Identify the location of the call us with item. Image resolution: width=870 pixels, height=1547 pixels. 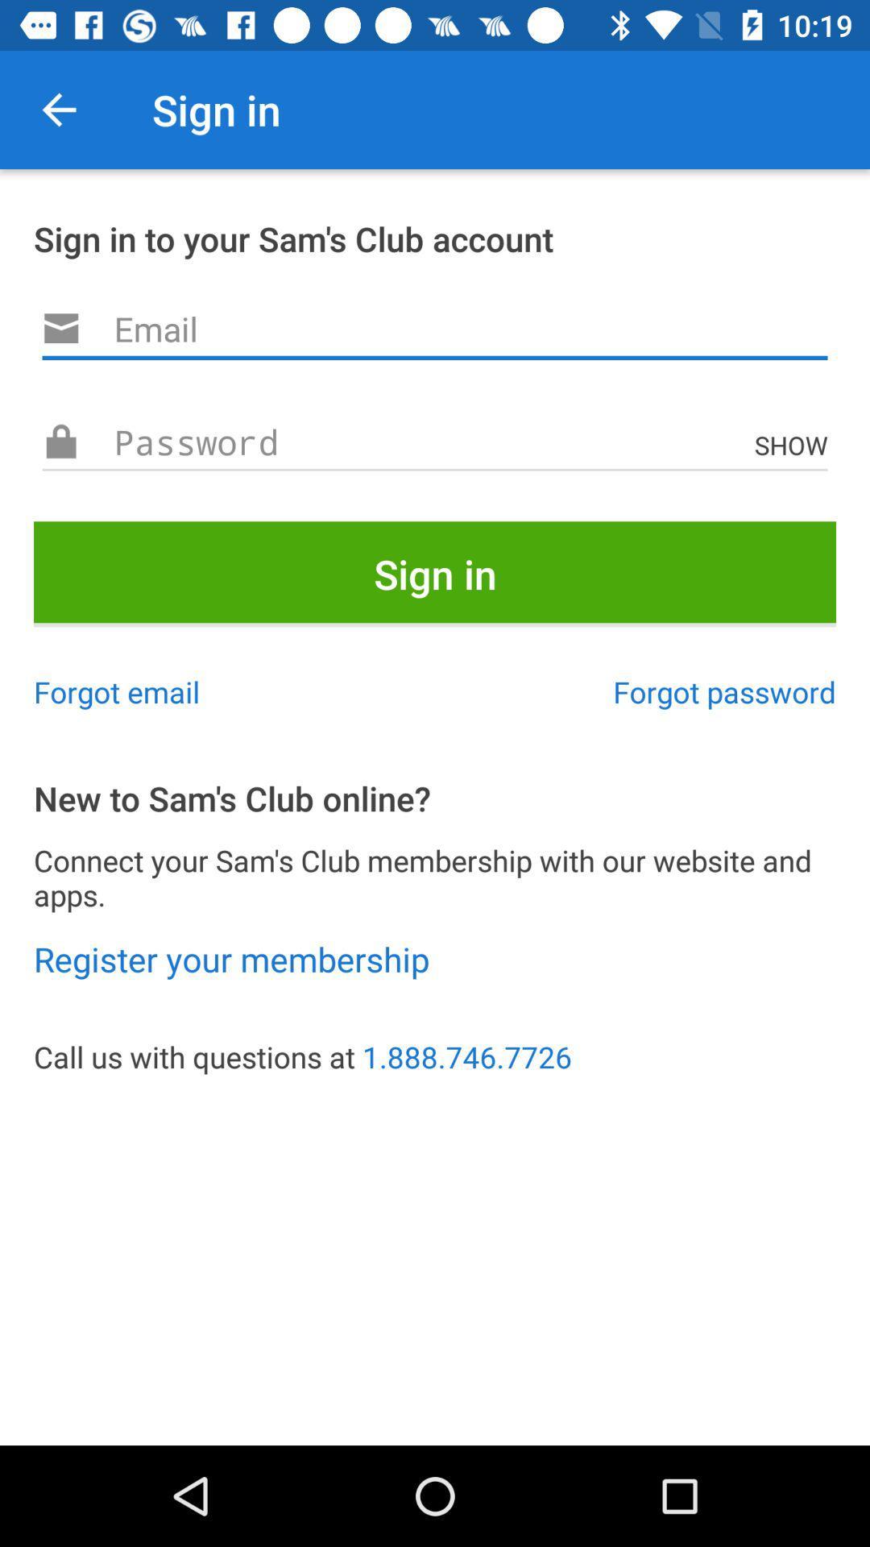
(435, 1056).